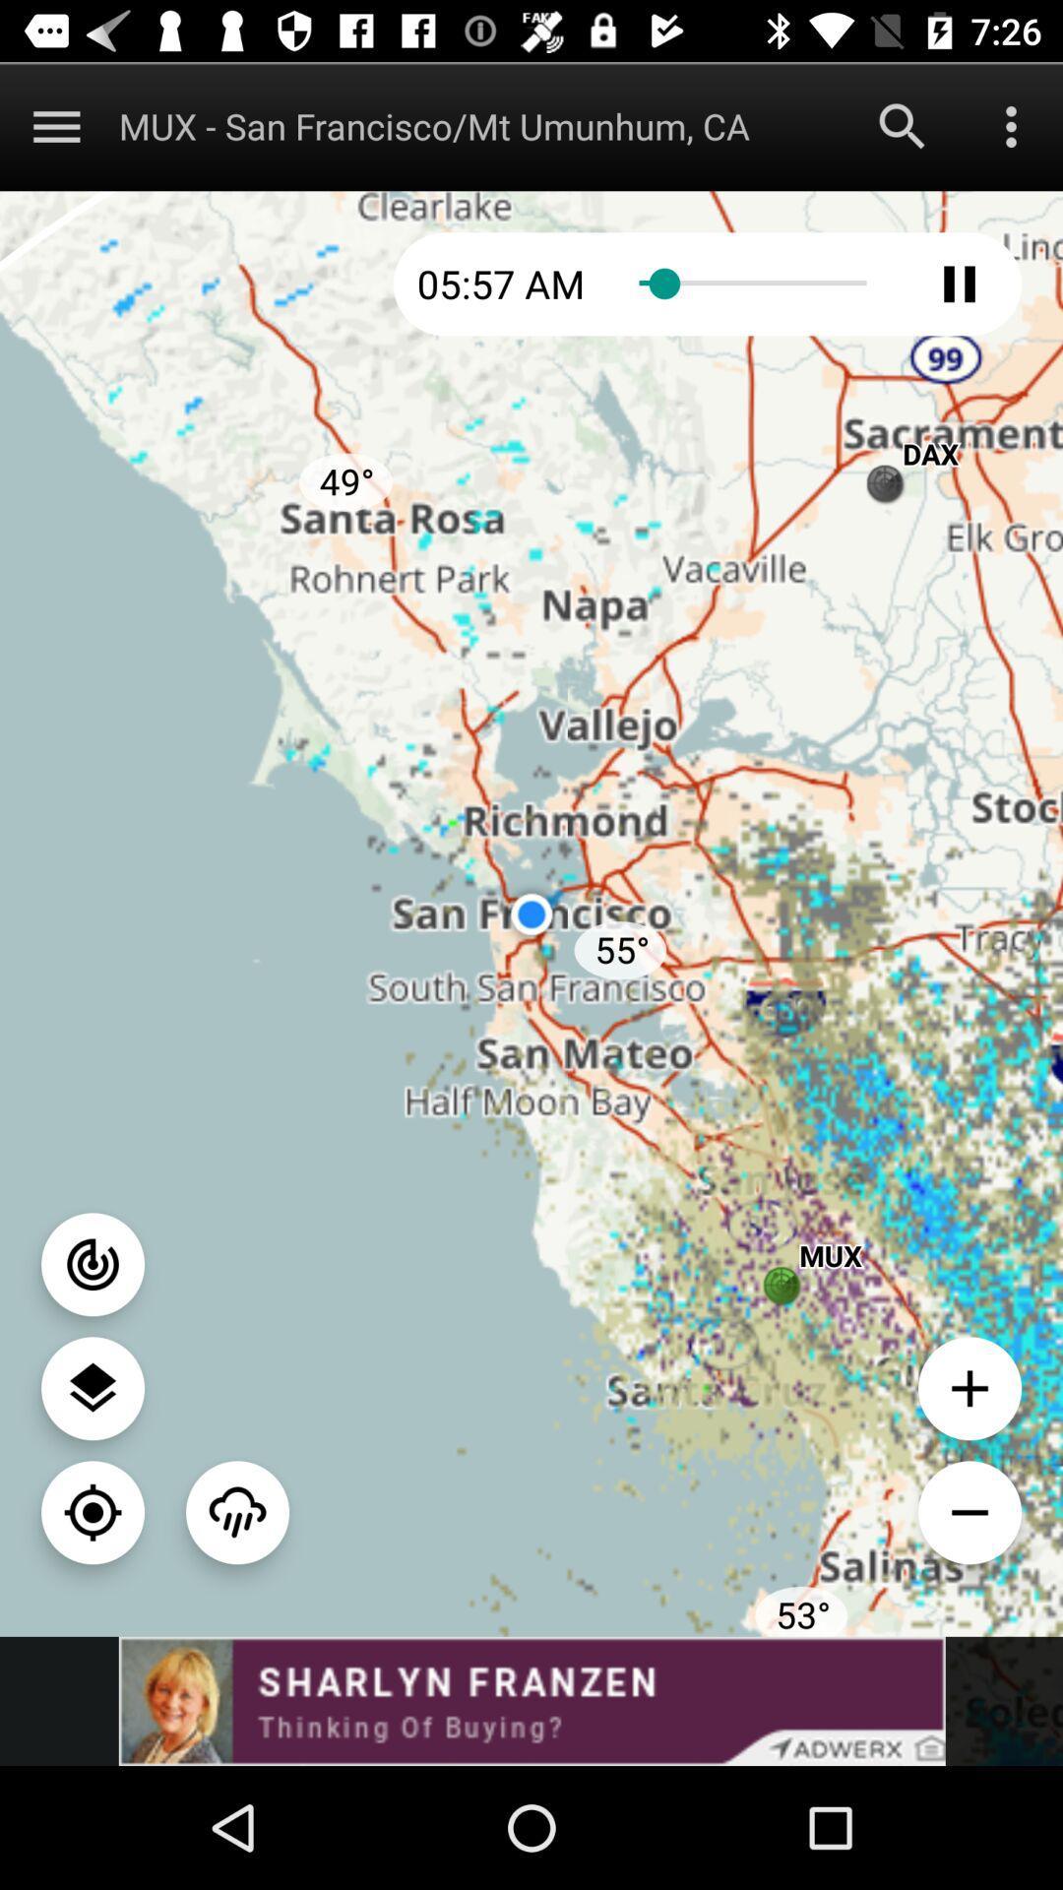 Image resolution: width=1063 pixels, height=1890 pixels. What do you see at coordinates (93, 1387) in the screenshot?
I see `change visible layers` at bounding box center [93, 1387].